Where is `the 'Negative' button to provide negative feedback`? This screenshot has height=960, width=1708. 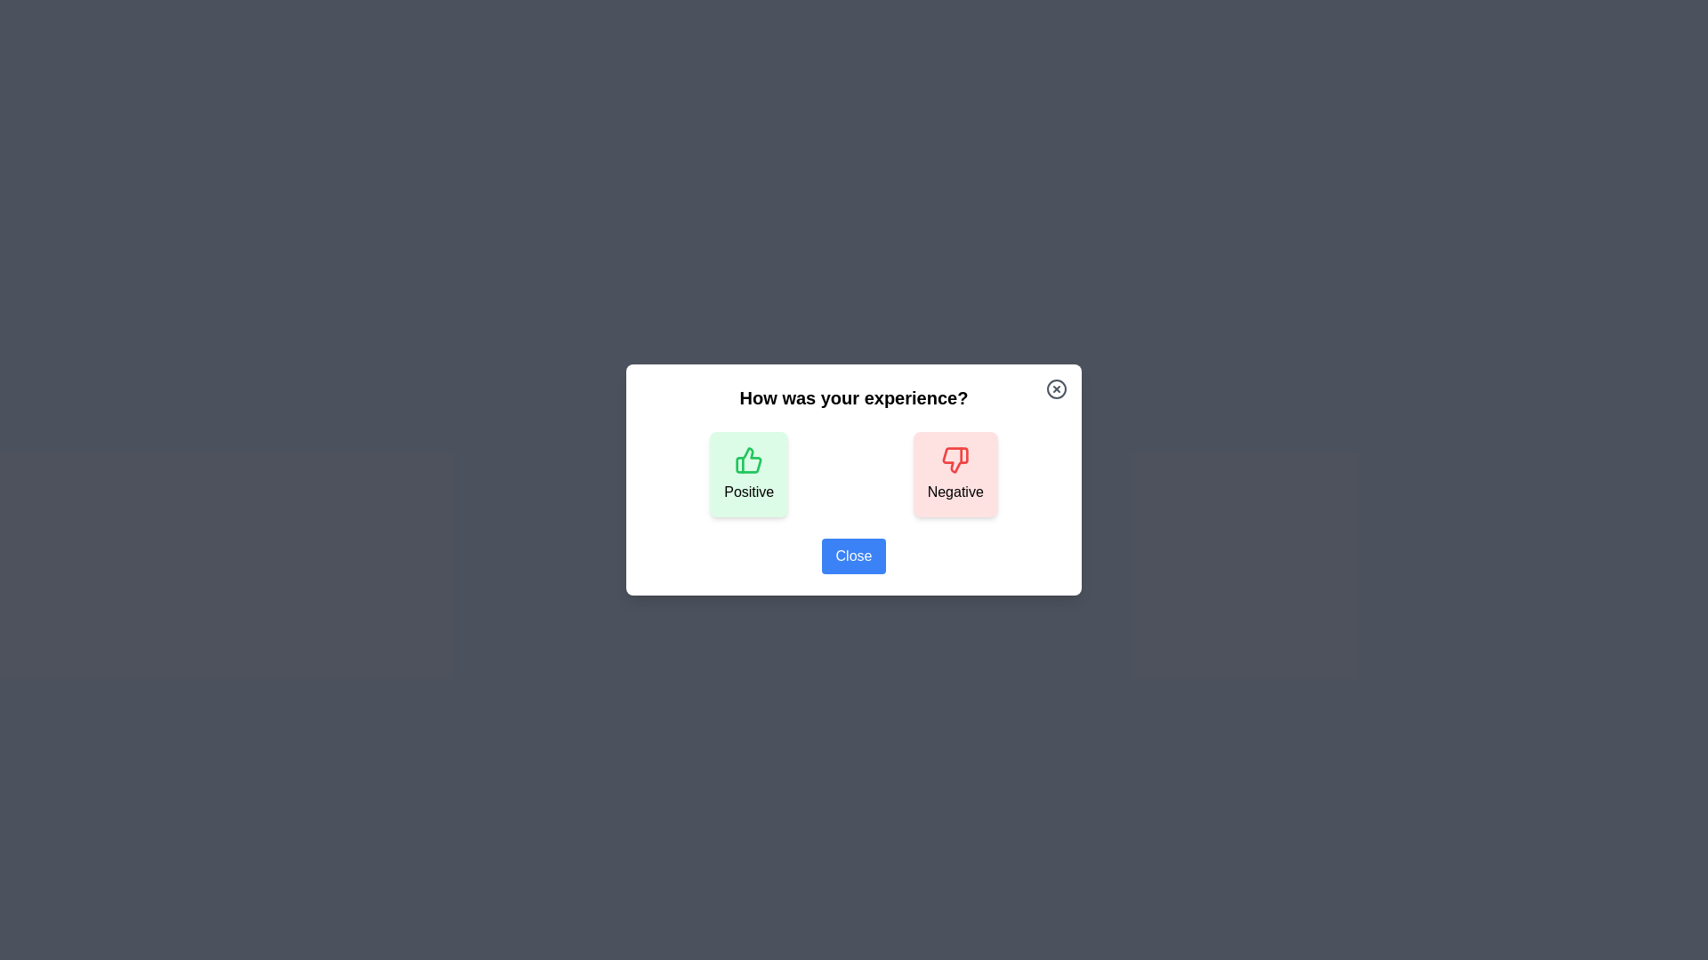 the 'Negative' button to provide negative feedback is located at coordinates (955, 473).